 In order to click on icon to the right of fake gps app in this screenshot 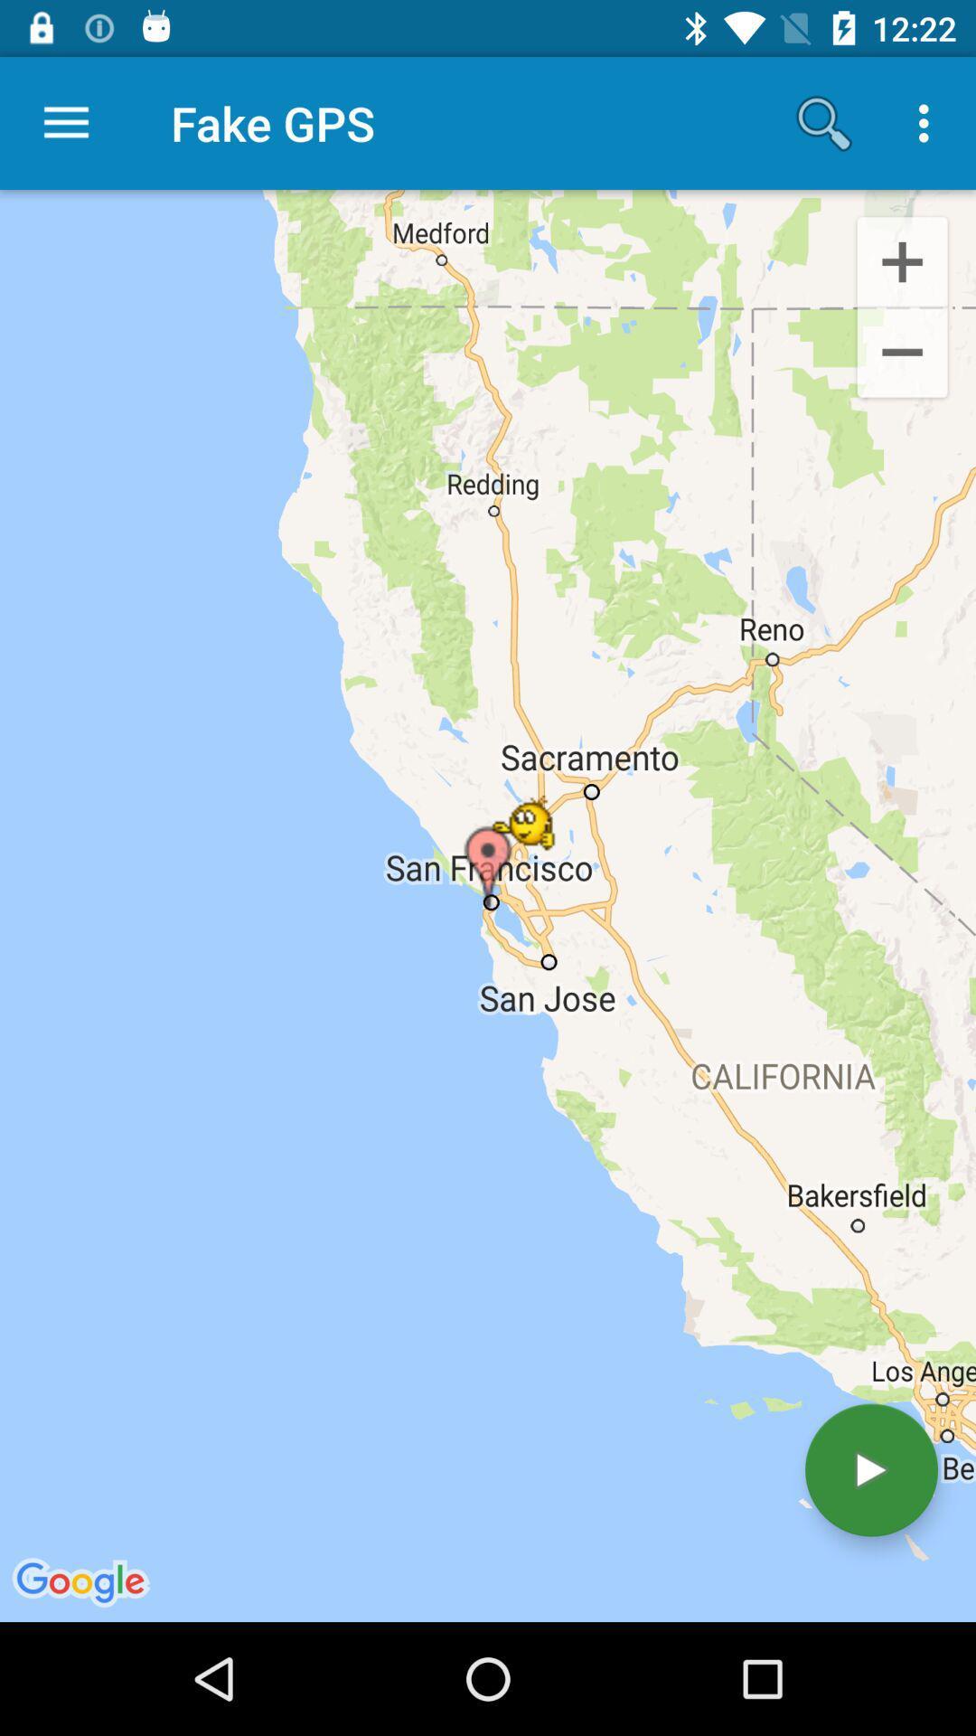, I will do `click(823, 122)`.